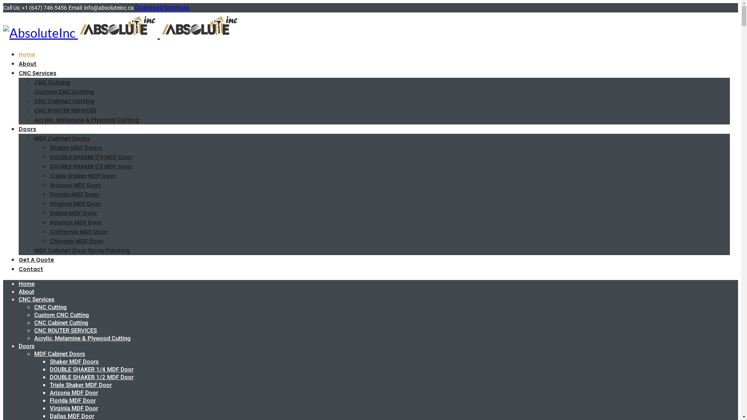 The image size is (747, 420). Describe the element at coordinates (37, 73) in the screenshot. I see `'CNC Services'` at that location.